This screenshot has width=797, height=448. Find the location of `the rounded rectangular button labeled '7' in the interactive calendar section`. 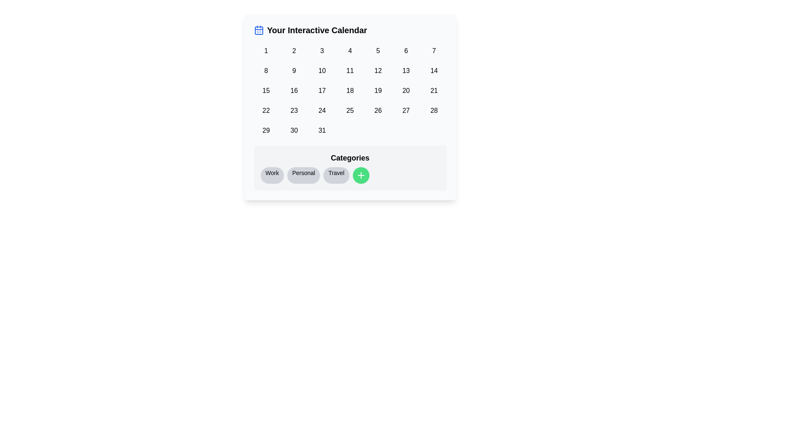

the rounded rectangular button labeled '7' in the interactive calendar section is located at coordinates (433, 51).